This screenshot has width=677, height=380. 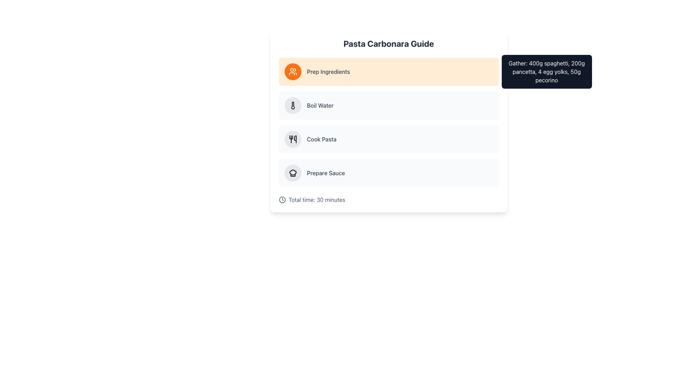 What do you see at coordinates (293, 106) in the screenshot?
I see `the thermometer icon representing the 'Boil Water' step in the guide as a visual reference` at bounding box center [293, 106].